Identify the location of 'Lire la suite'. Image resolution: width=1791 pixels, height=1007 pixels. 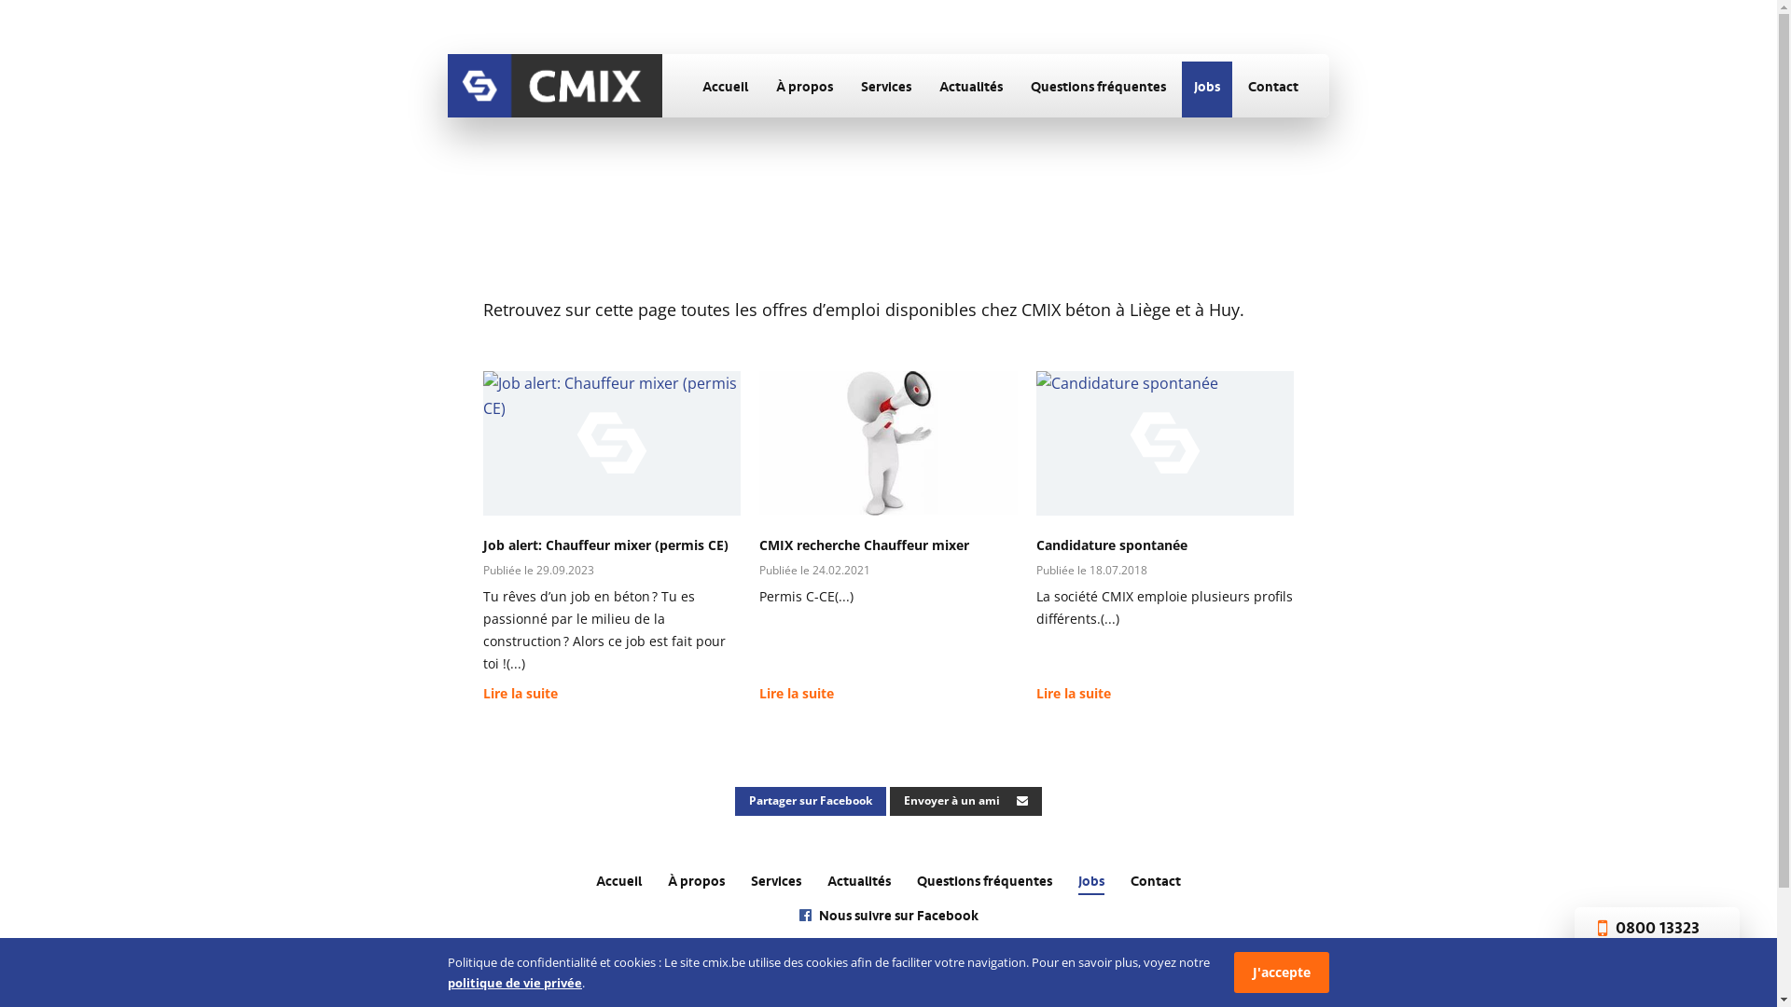
(520, 697).